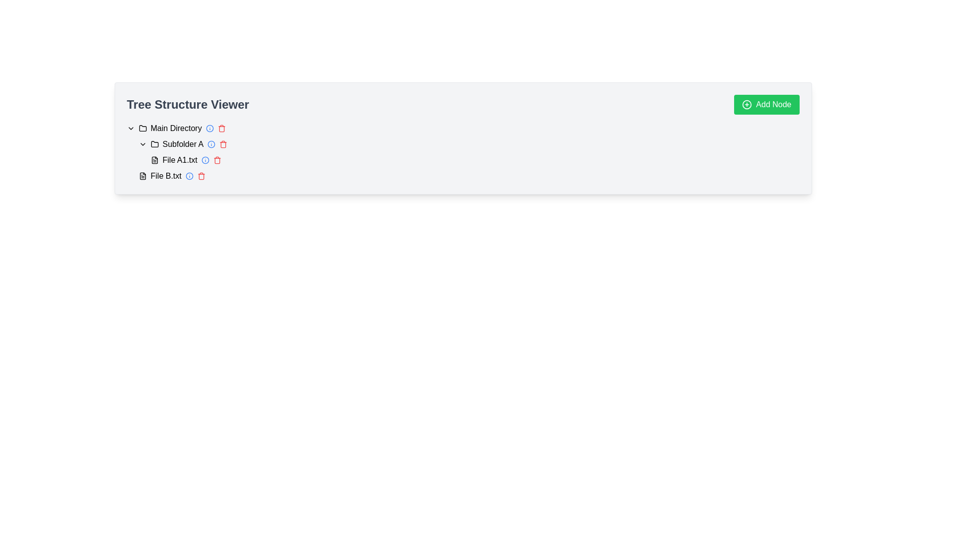  I want to click on the Folder icon, which is a small red vector graphic resembling a typical file folder, located adjacent, so click(154, 144).